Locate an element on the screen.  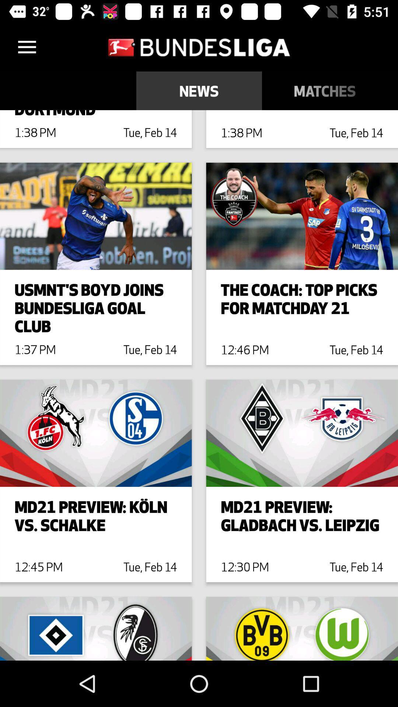
item above the papadopoulos hsv s item is located at coordinates (324, 90).